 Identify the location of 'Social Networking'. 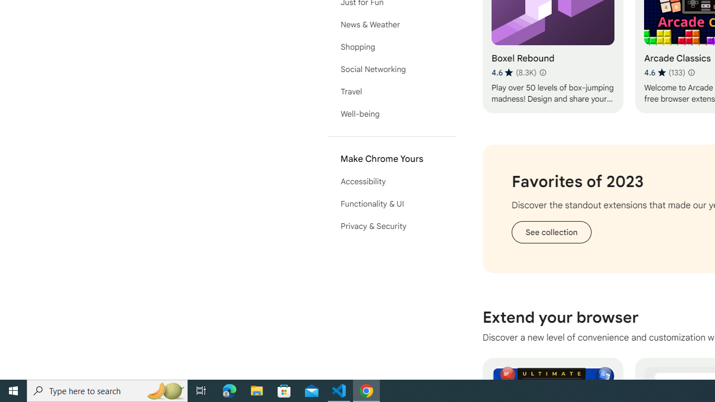
(391, 69).